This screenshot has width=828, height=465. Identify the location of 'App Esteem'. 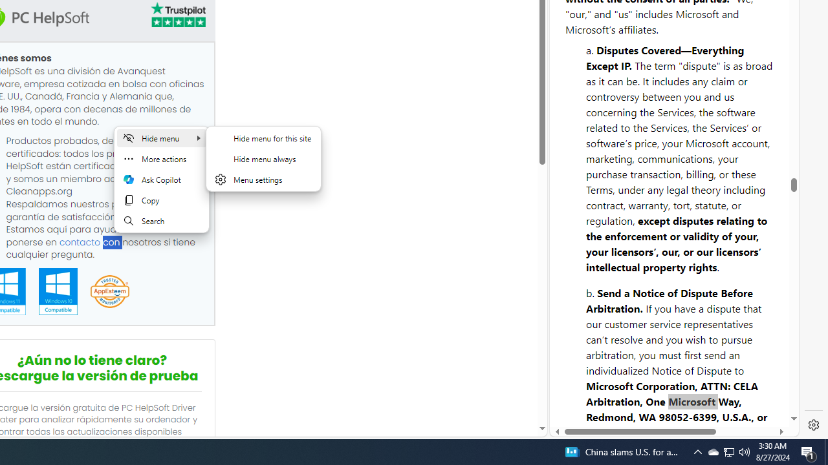
(109, 292).